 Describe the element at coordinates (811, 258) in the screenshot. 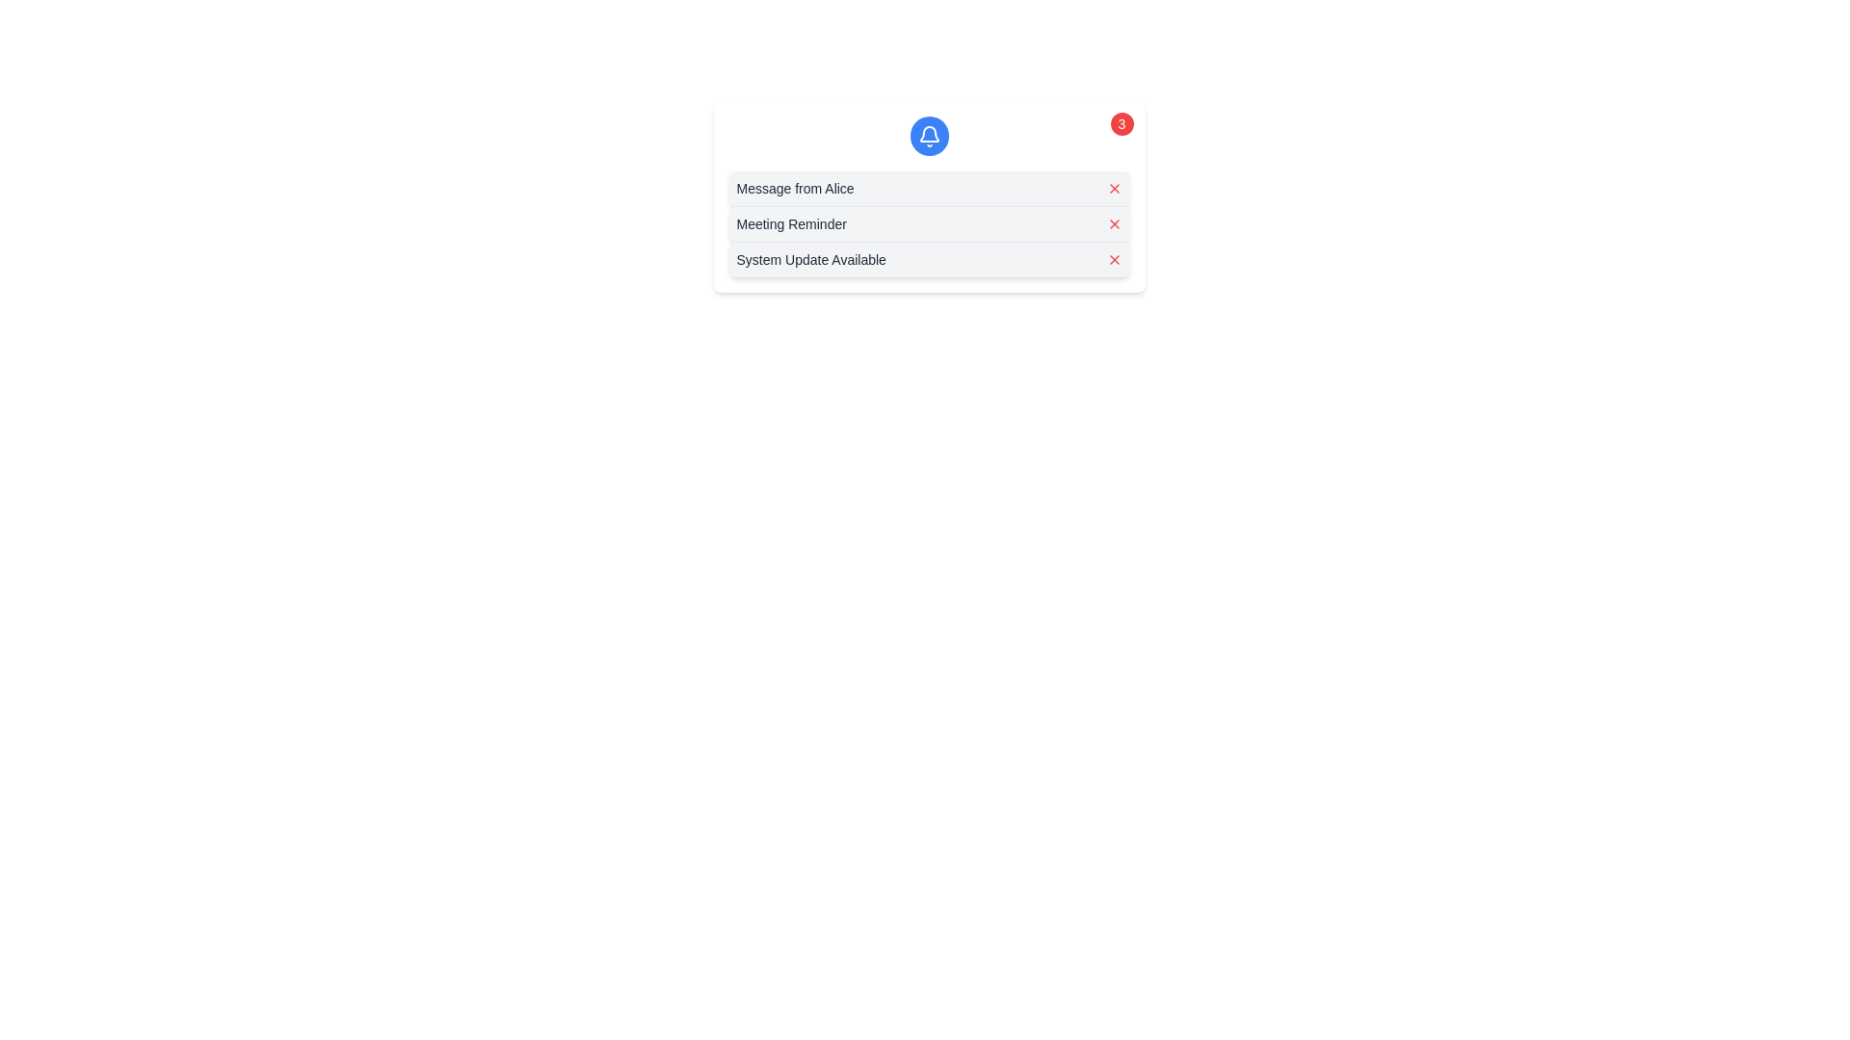

I see `the text element that reads 'System Update Available', which is styled in a small gray font and located within a horizontally-aligned notification bar` at that location.